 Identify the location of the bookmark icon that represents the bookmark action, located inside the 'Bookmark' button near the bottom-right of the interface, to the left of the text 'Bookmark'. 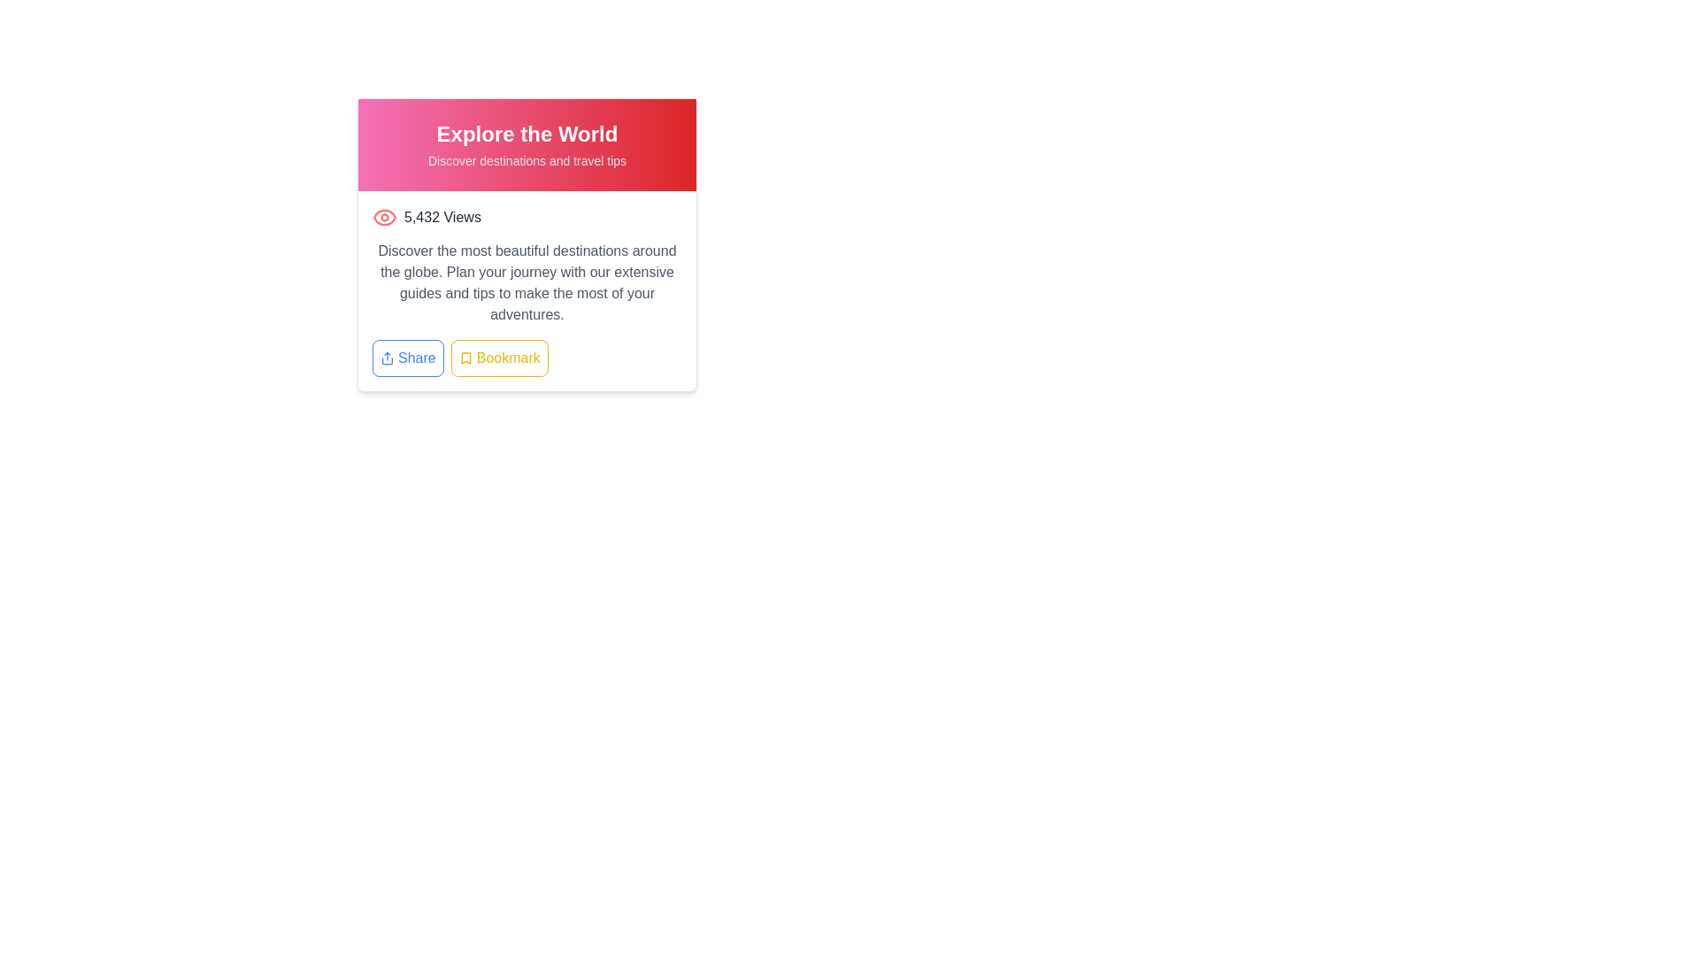
(465, 358).